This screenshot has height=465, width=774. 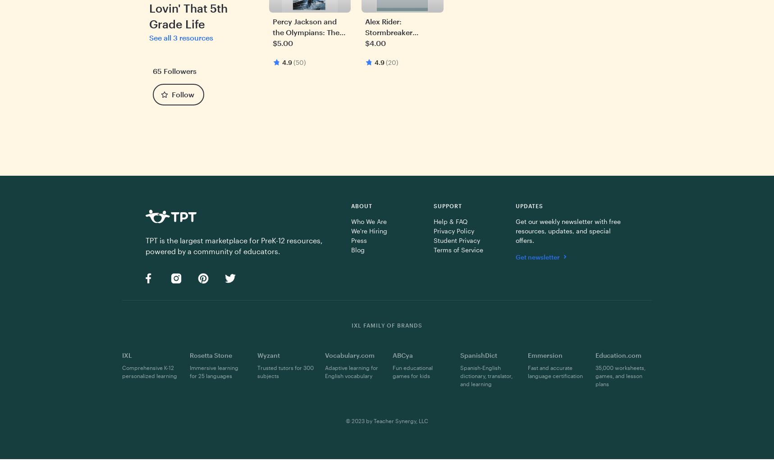 I want to click on '(20)', so click(x=392, y=61).